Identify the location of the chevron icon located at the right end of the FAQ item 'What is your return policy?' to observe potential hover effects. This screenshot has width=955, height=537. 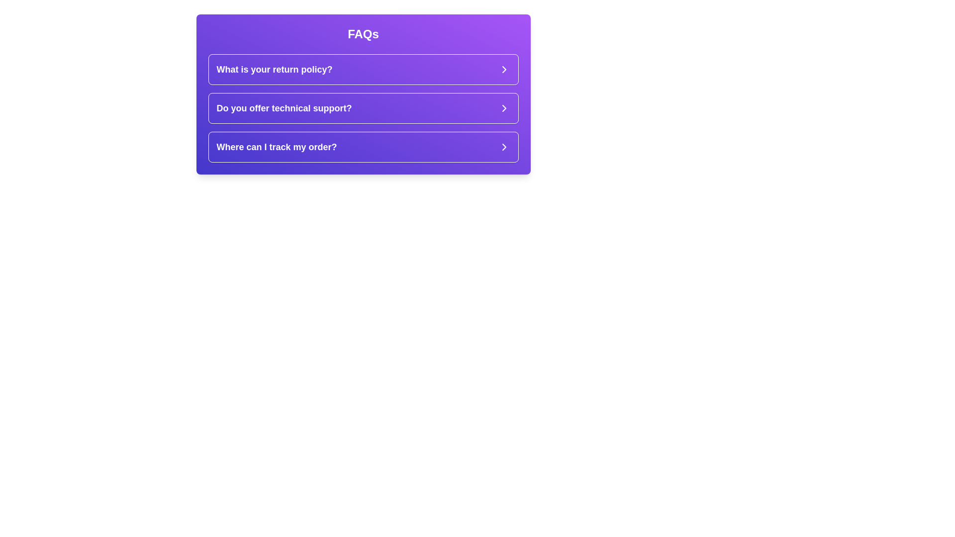
(504, 69).